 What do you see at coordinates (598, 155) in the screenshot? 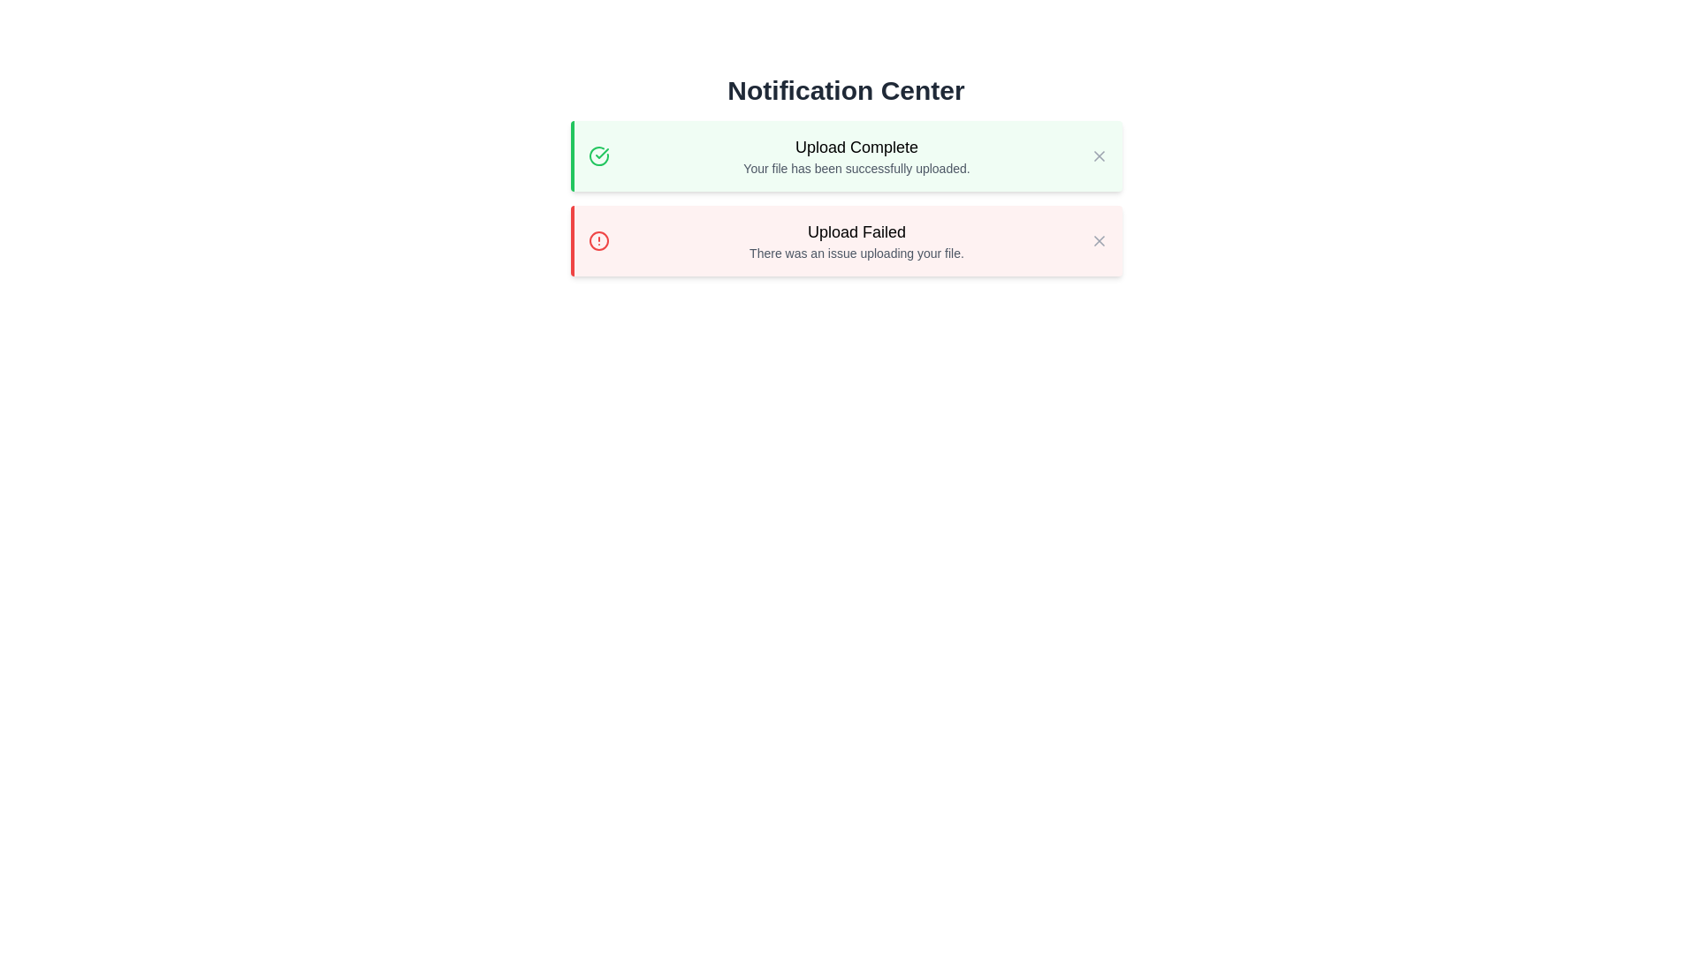
I see `the green circular icon with a checkmark inside, indicating a successful action, located at the top-left corner of the 'Upload Complete' notification message` at bounding box center [598, 155].